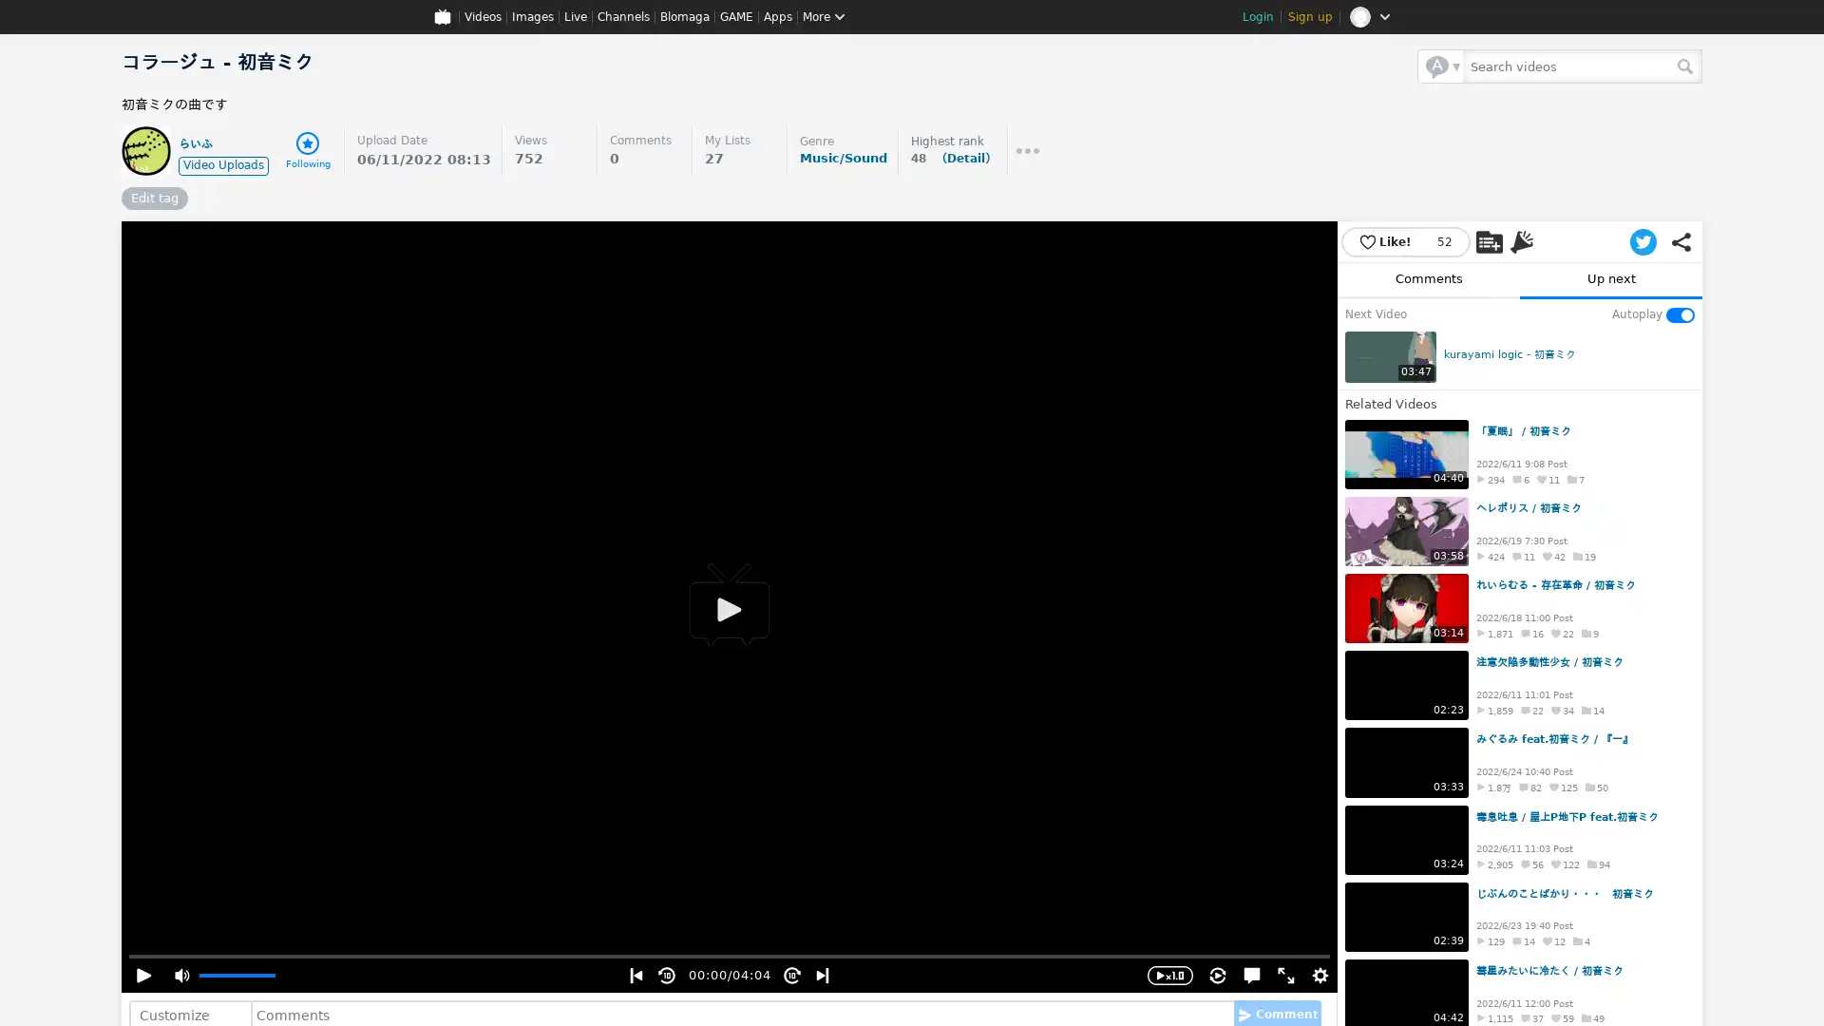 The height and width of the screenshot is (1026, 1824). Describe the element at coordinates (142, 975) in the screenshot. I see `Play` at that location.